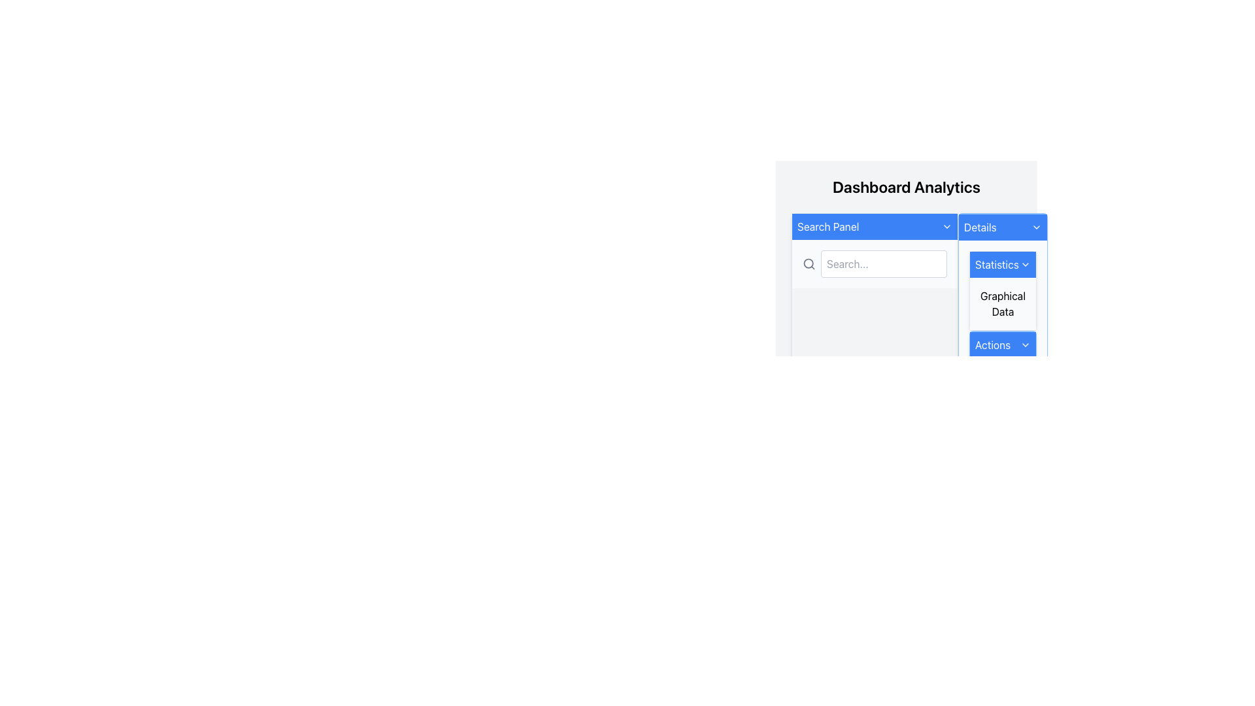 The height and width of the screenshot is (706, 1255). What do you see at coordinates (1002, 265) in the screenshot?
I see `the 'Statistics' button with a downward-pointing chevron icon` at bounding box center [1002, 265].